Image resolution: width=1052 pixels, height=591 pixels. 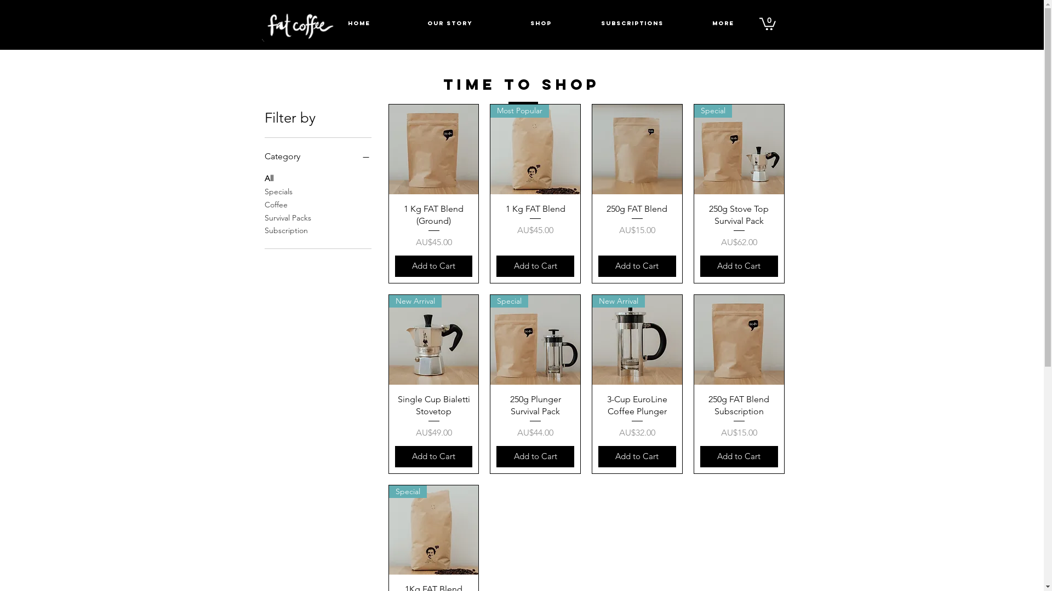 What do you see at coordinates (739, 416) in the screenshot?
I see `'250g FAT Blend Subscription` at bounding box center [739, 416].